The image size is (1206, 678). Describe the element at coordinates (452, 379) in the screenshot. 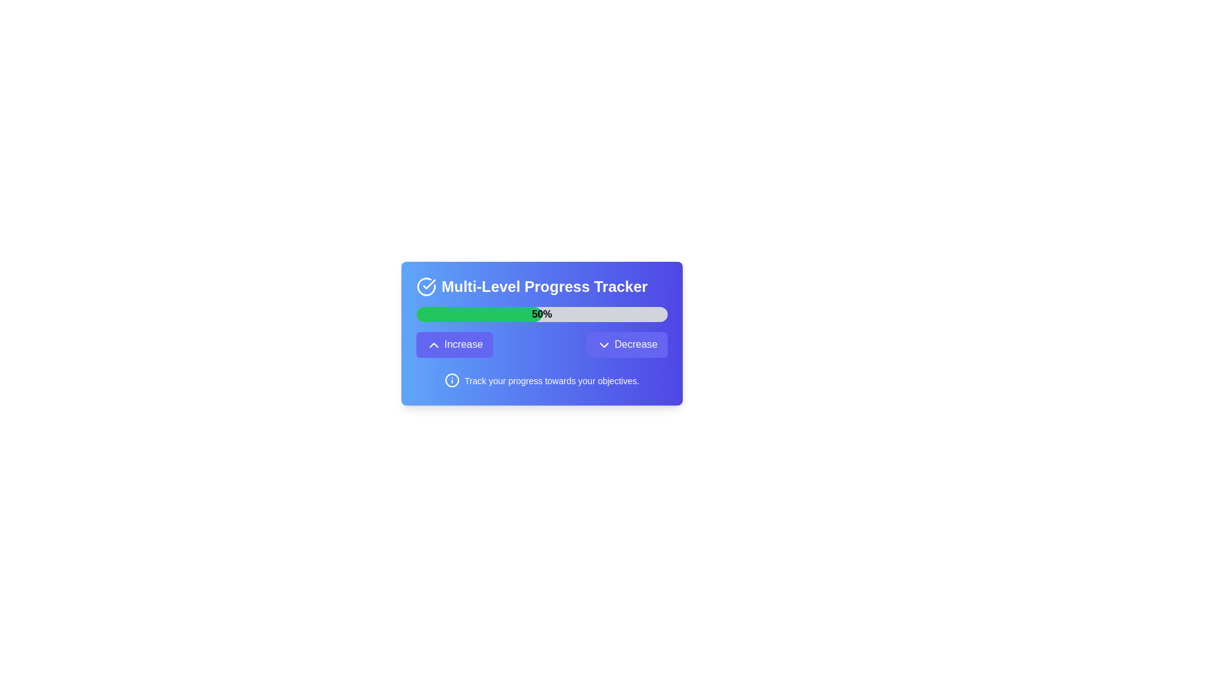

I see `the small circular info icon located to the left of the text 'Track your progress towards your objectives.'` at that location.